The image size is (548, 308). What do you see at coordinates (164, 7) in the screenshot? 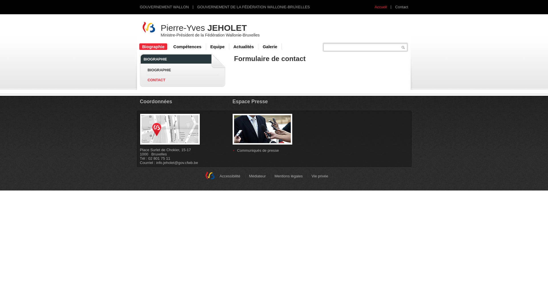
I see `'GOUVERNEMENT WALLON'` at bounding box center [164, 7].